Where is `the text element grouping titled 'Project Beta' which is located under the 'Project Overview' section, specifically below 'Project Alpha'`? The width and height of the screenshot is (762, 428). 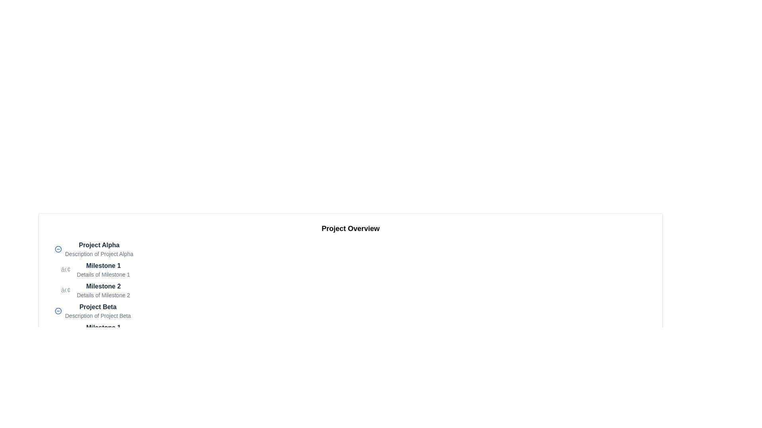 the text element grouping titled 'Project Beta' which is located under the 'Project Overview' section, specifically below 'Project Alpha' is located at coordinates (97, 311).